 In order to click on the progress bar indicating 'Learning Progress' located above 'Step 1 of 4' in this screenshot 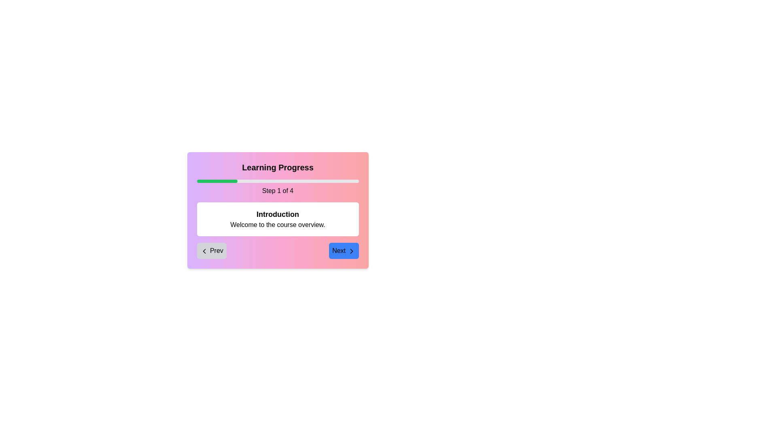, I will do `click(278, 180)`.